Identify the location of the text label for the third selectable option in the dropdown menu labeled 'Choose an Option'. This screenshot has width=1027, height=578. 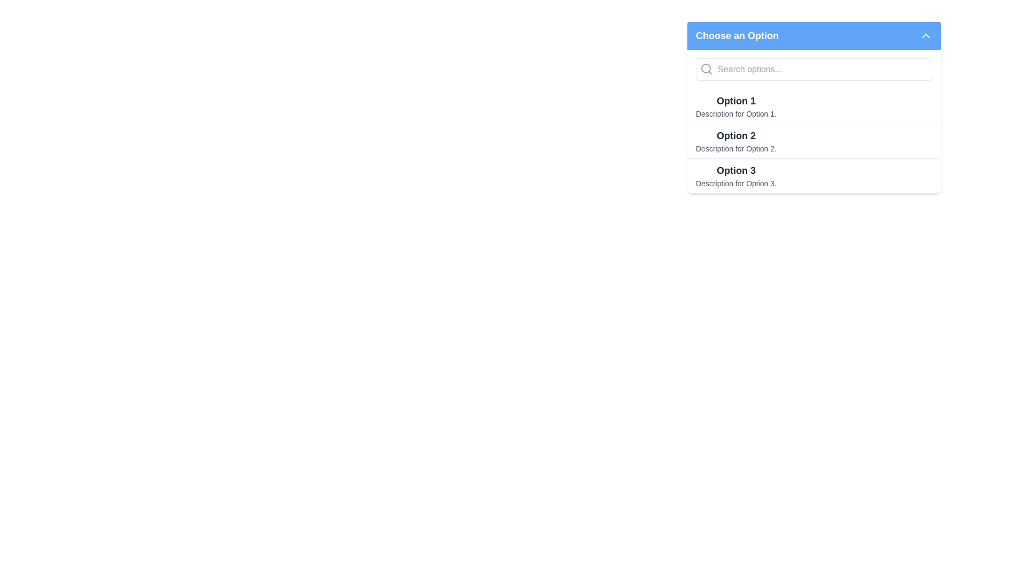
(735, 170).